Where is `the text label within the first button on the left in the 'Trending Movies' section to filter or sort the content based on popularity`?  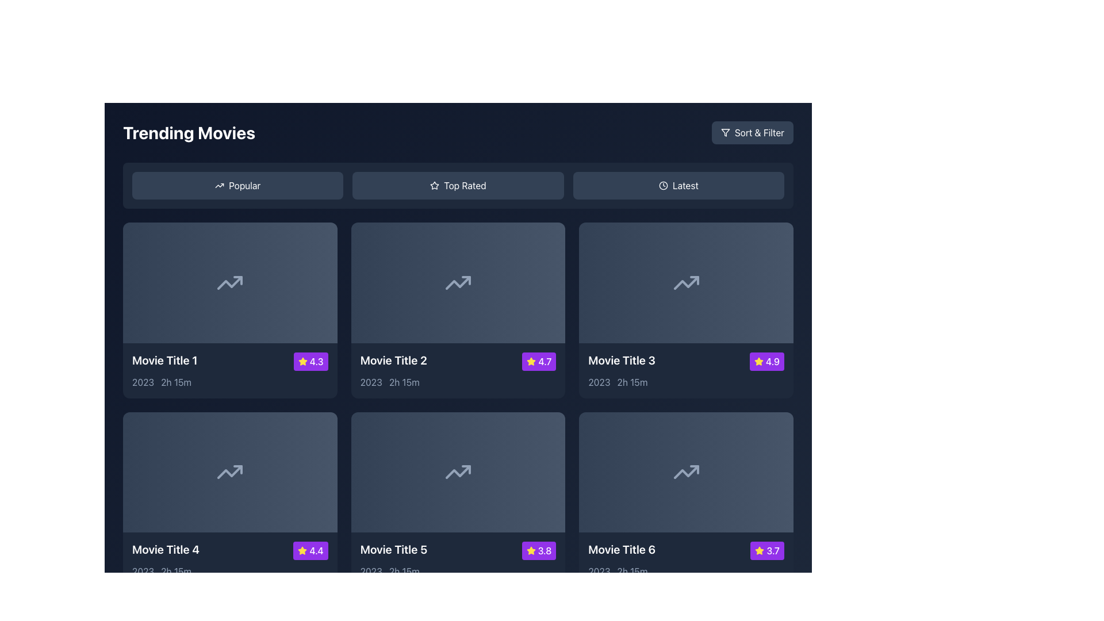
the text label within the first button on the left in the 'Trending Movies' section to filter or sort the content based on popularity is located at coordinates (244, 185).